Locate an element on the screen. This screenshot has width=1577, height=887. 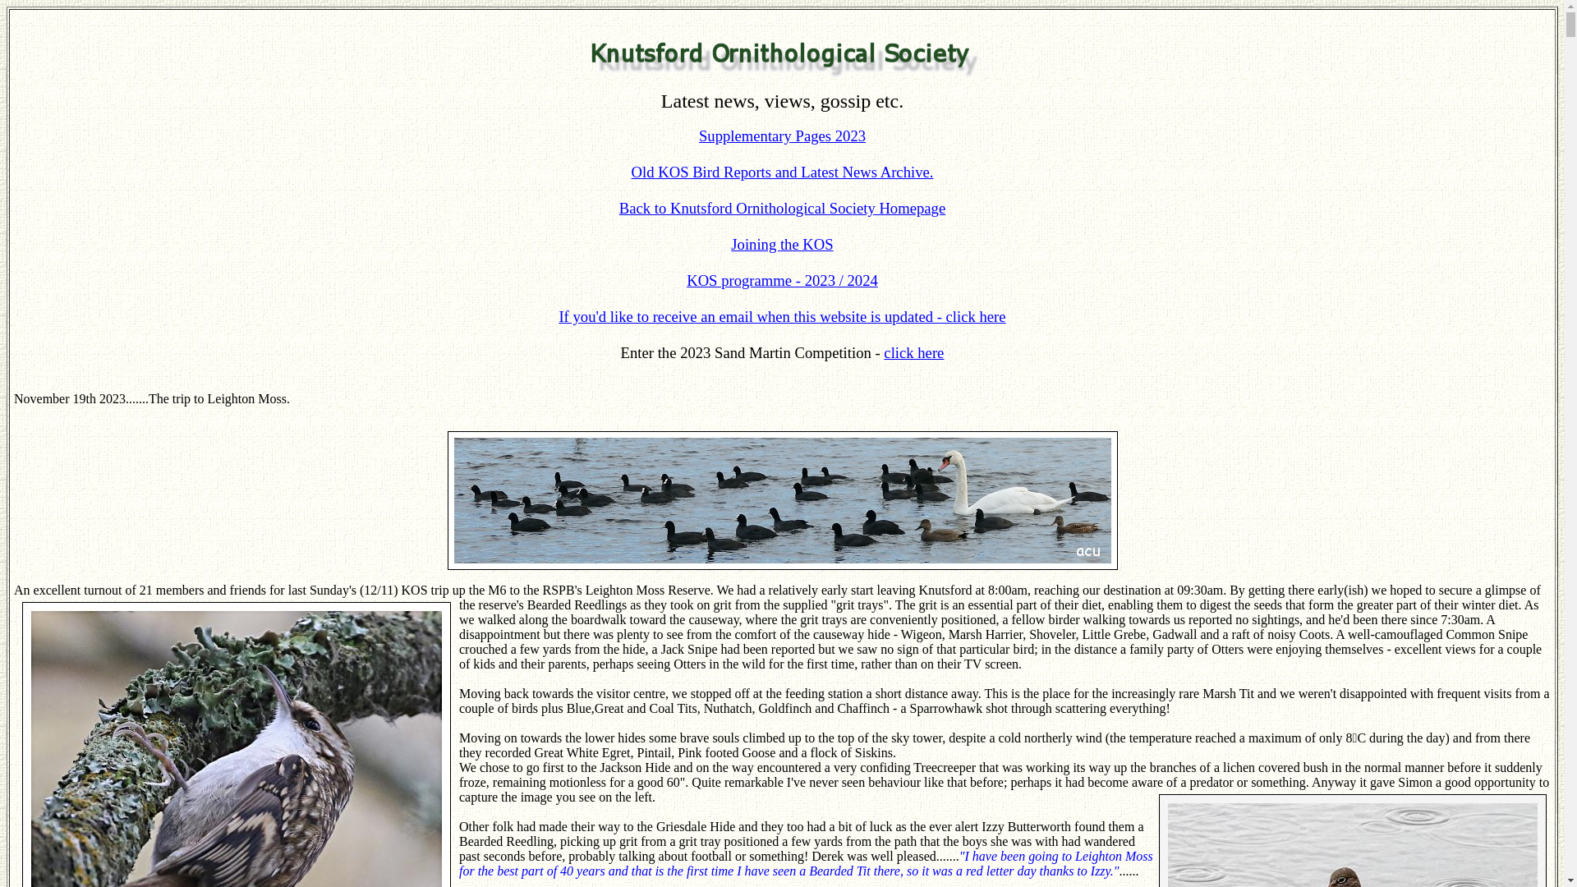
'click here' is located at coordinates (913, 352).